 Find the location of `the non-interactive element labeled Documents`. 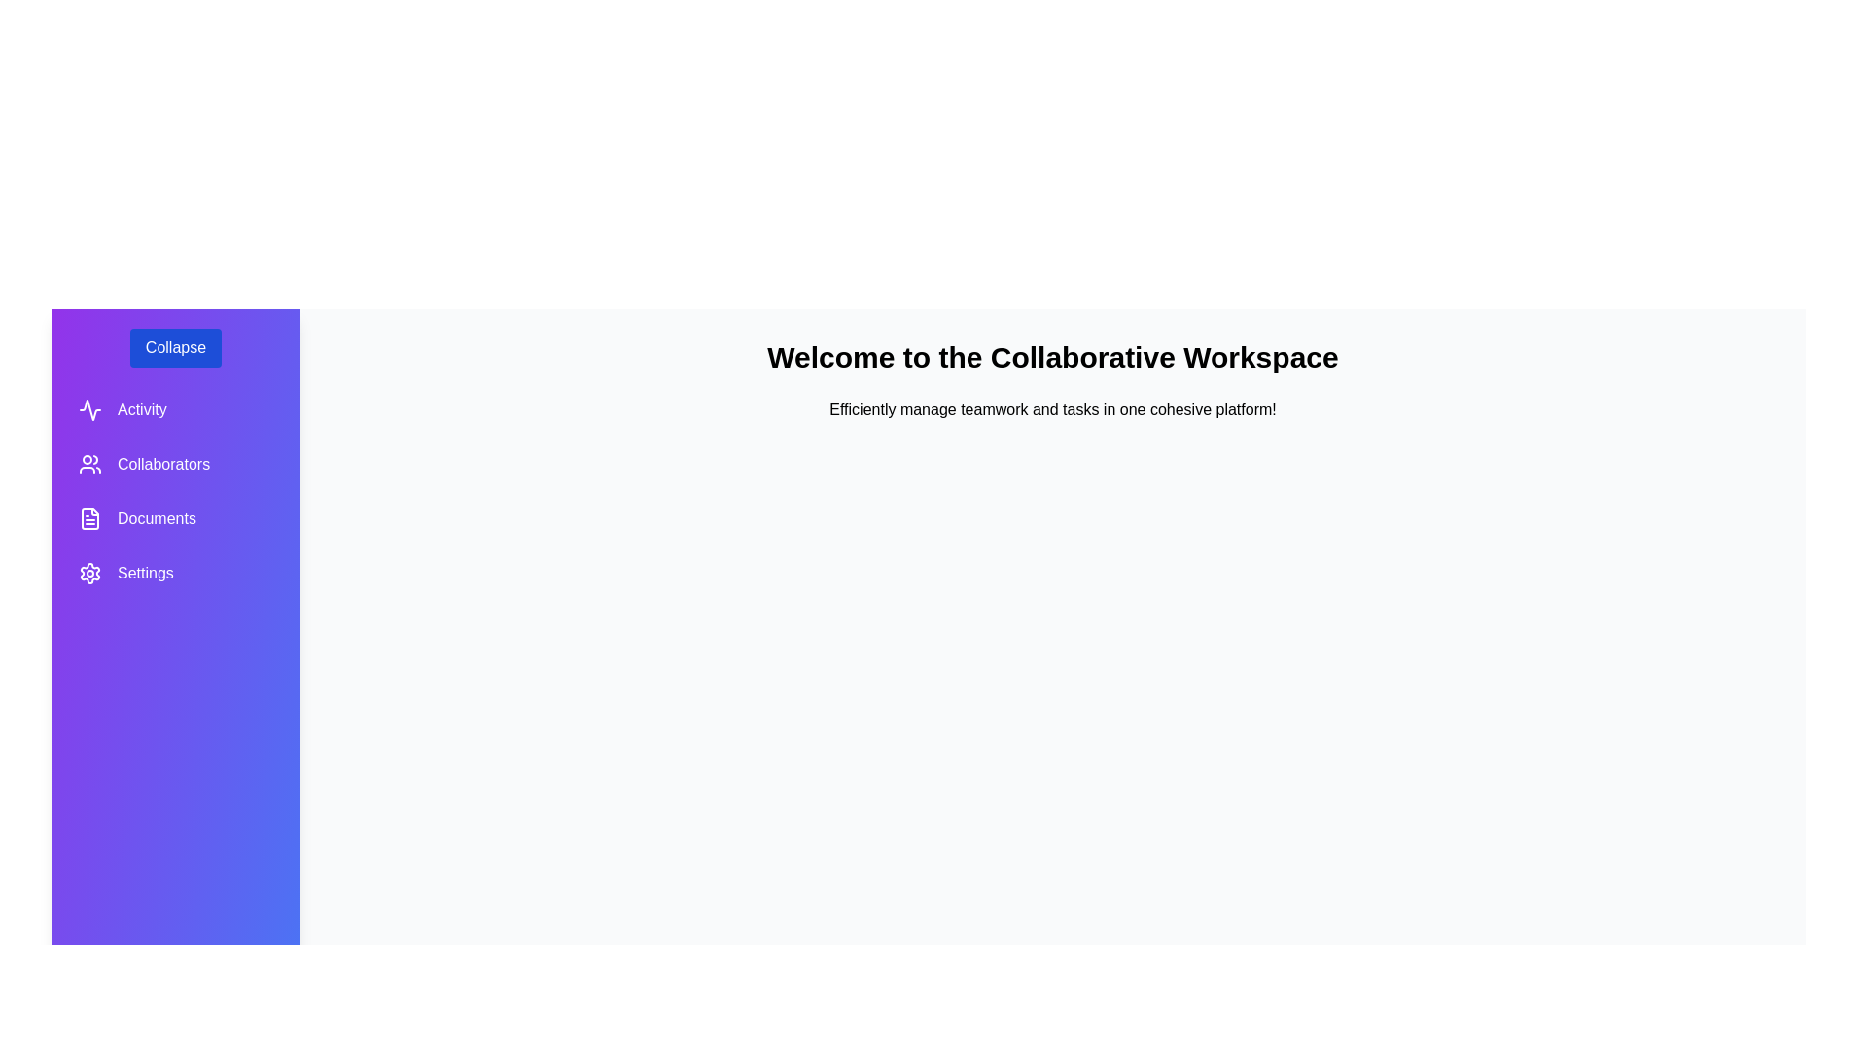

the non-interactive element labeled Documents is located at coordinates (176, 517).